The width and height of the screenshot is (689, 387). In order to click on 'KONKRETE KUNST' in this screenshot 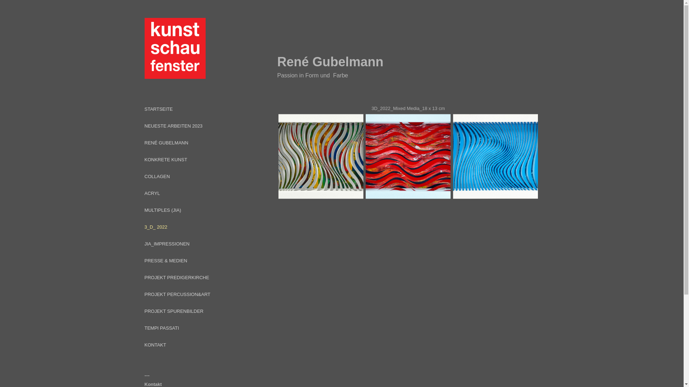, I will do `click(165, 159)`.